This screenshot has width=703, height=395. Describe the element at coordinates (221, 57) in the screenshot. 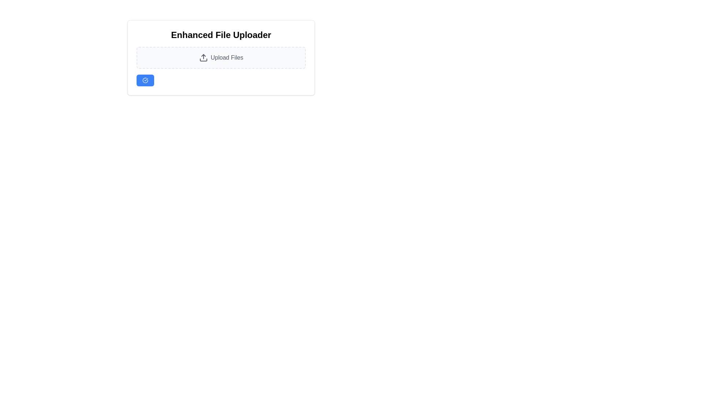

I see `the Interactive upload area located centrally under the title of 'Enhanced File Uploader' to observe hover effects` at that location.